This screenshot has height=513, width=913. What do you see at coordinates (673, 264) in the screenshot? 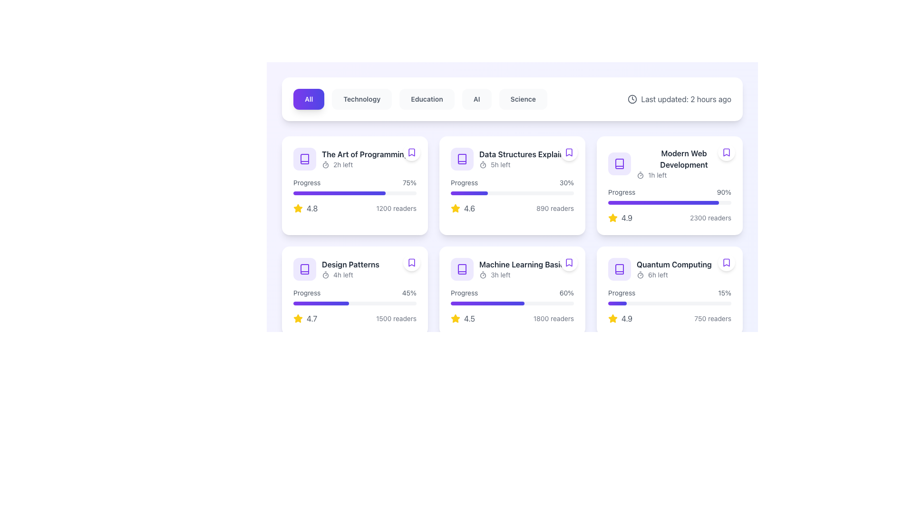
I see `the Text label that serves as a title or heading for the card content, located in the bottom row, rightmost column of a grid layout` at bounding box center [673, 264].